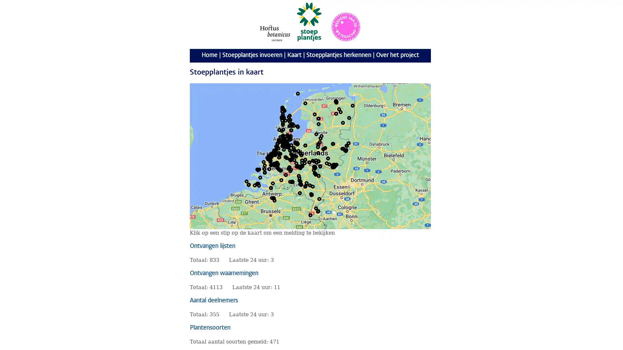  Describe the element at coordinates (282, 136) in the screenshot. I see `Telling van NBeets op 12 januari 2022` at that location.